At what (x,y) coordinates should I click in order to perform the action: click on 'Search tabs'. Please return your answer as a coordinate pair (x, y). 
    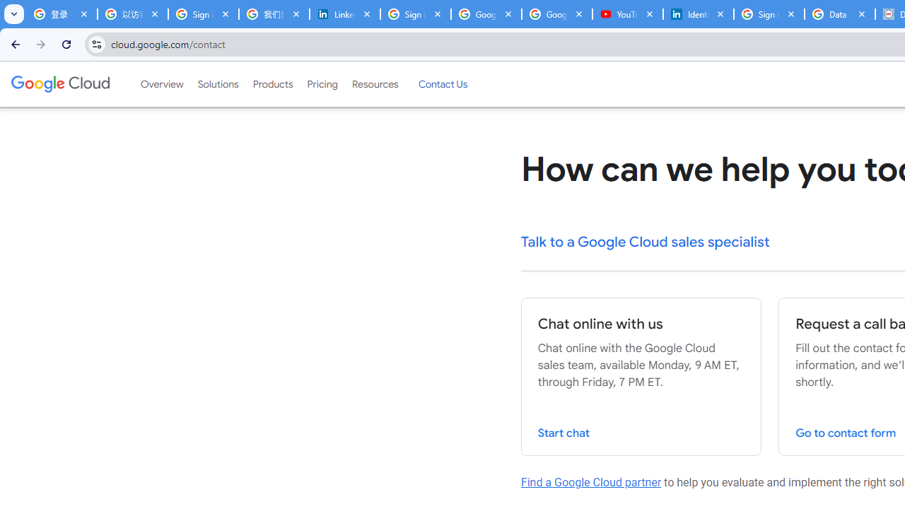
    Looking at the image, I should click on (14, 14).